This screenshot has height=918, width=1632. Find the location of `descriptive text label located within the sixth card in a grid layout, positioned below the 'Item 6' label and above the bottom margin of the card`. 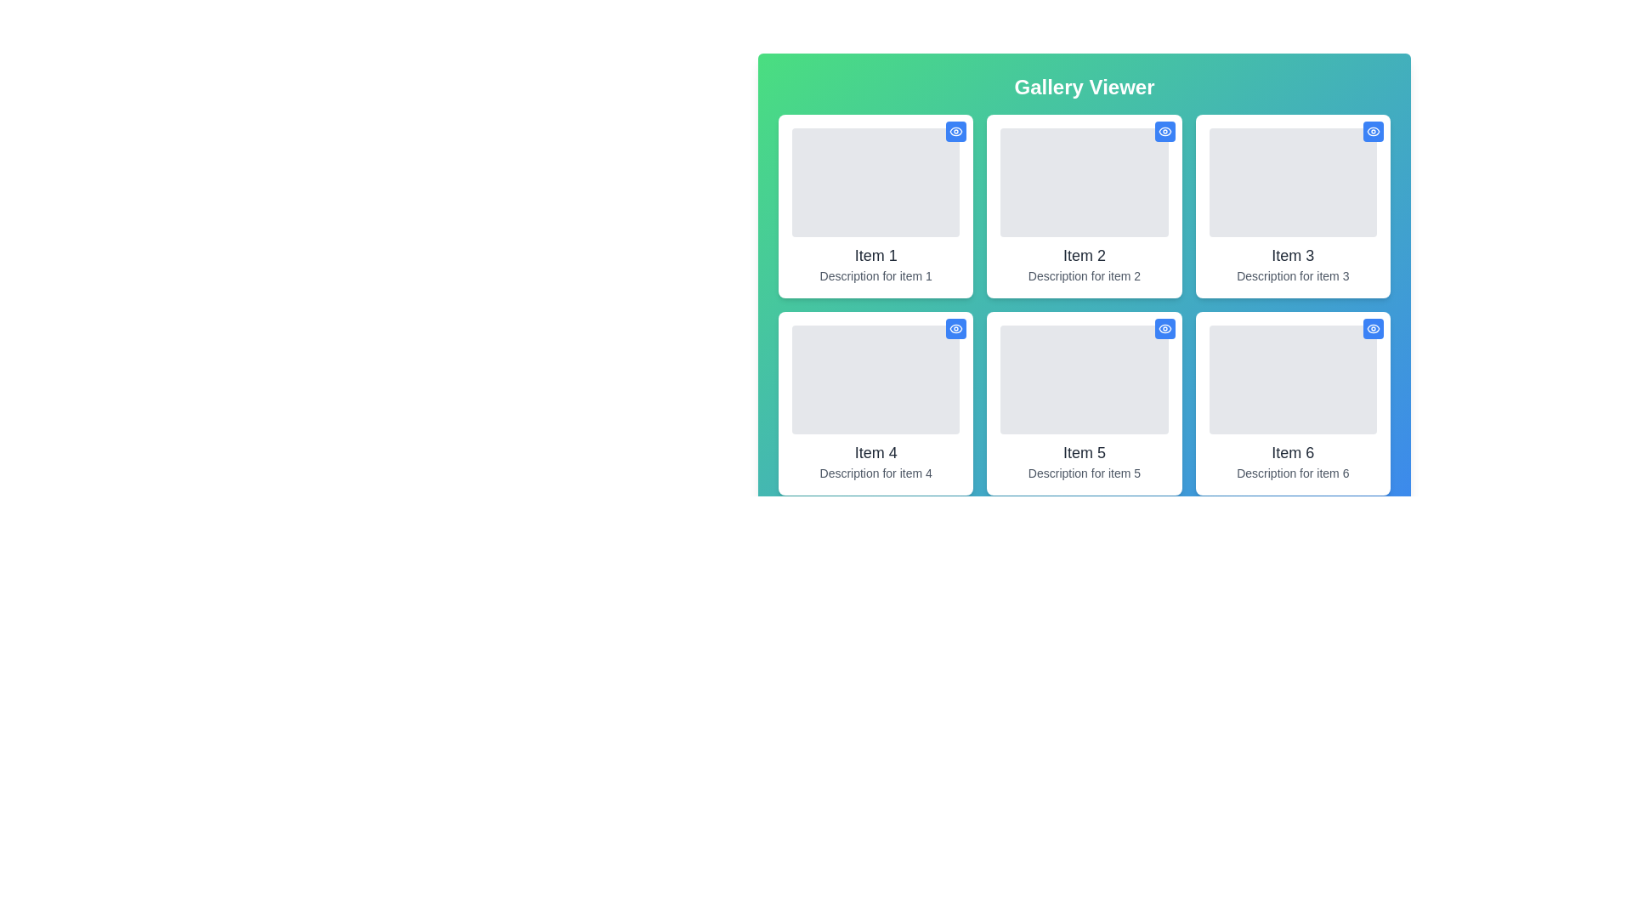

descriptive text label located within the sixth card in a grid layout, positioned below the 'Item 6' label and above the bottom margin of the card is located at coordinates (1292, 473).